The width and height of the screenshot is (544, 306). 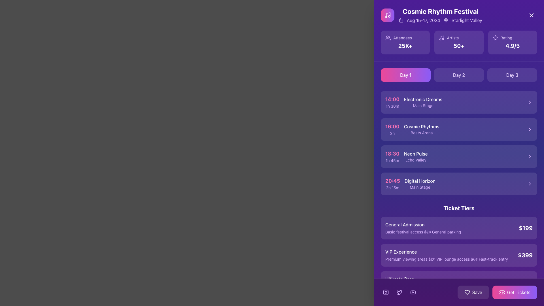 What do you see at coordinates (530, 184) in the screenshot?
I see `the navigational icon located to the right of the 'Digital Horizon' entry in the events section of the interface` at bounding box center [530, 184].